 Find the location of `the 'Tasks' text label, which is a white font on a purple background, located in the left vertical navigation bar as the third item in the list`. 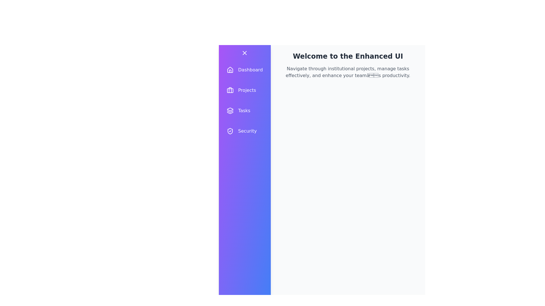

the 'Tasks' text label, which is a white font on a purple background, located in the left vertical navigation bar as the third item in the list is located at coordinates (244, 110).